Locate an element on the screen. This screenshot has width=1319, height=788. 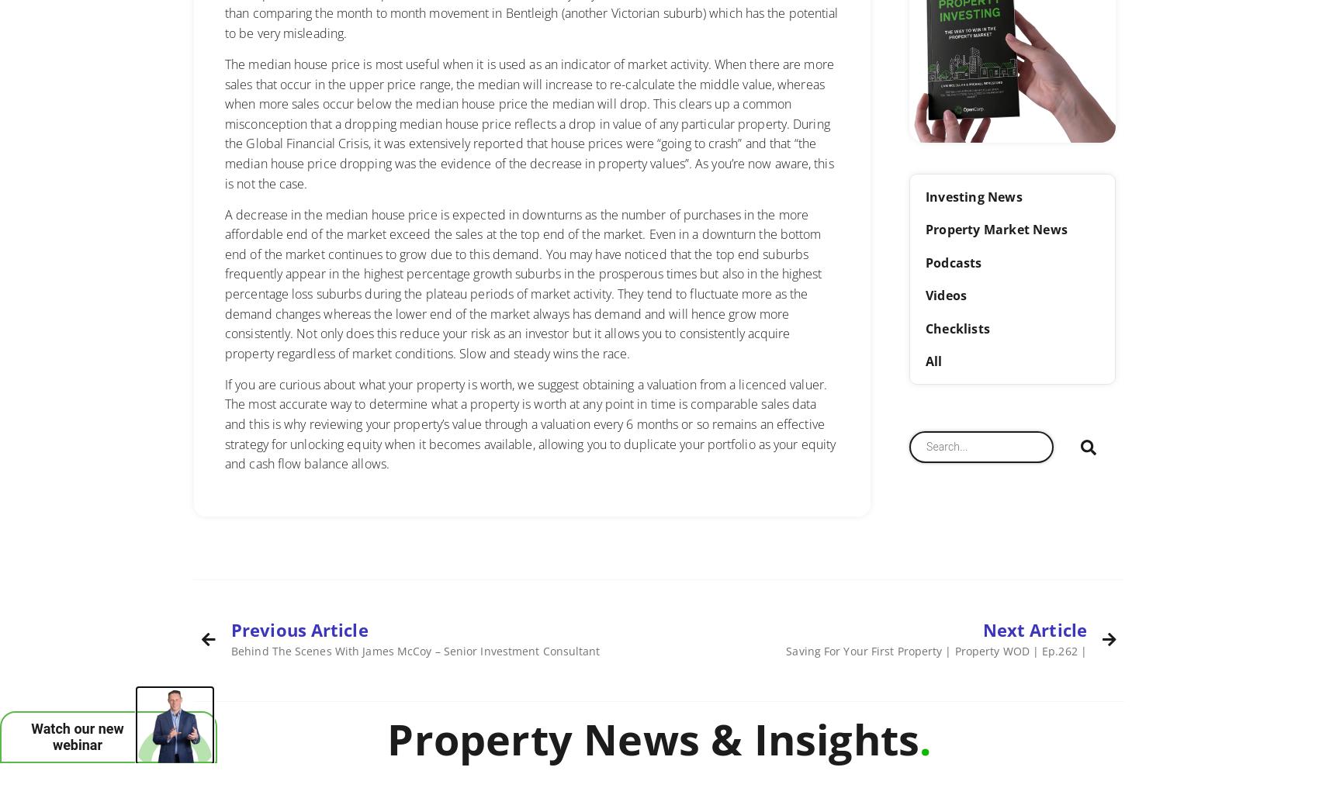
'The median house price is most useful when it is used as an indicator of market activity. When there are more sales that occur in the upper price range, the median will increase to re-calculate the middle value, whereas when more sales occur below the median house price the median will drop. This clears up a common misconception that a dropping median house price reflects a drop in value of any particular property. During the Global Financial Crisis, it was extensively reported that house prices were “going to crash” and that “the median house price dropping was the evidence of the decrease in property values”. As you’re now aware, this is not the case.' is located at coordinates (529, 123).